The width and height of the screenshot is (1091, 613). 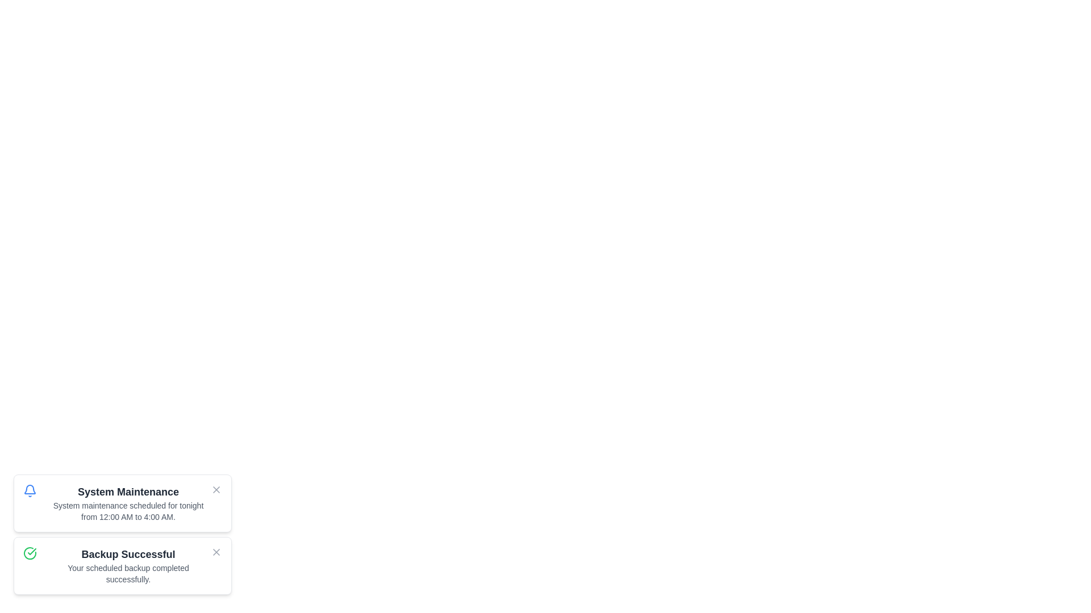 I want to click on completion icon located within the left section of the 'Backup Successful' notification card, which indicates the success of a backup process, so click(x=32, y=551).